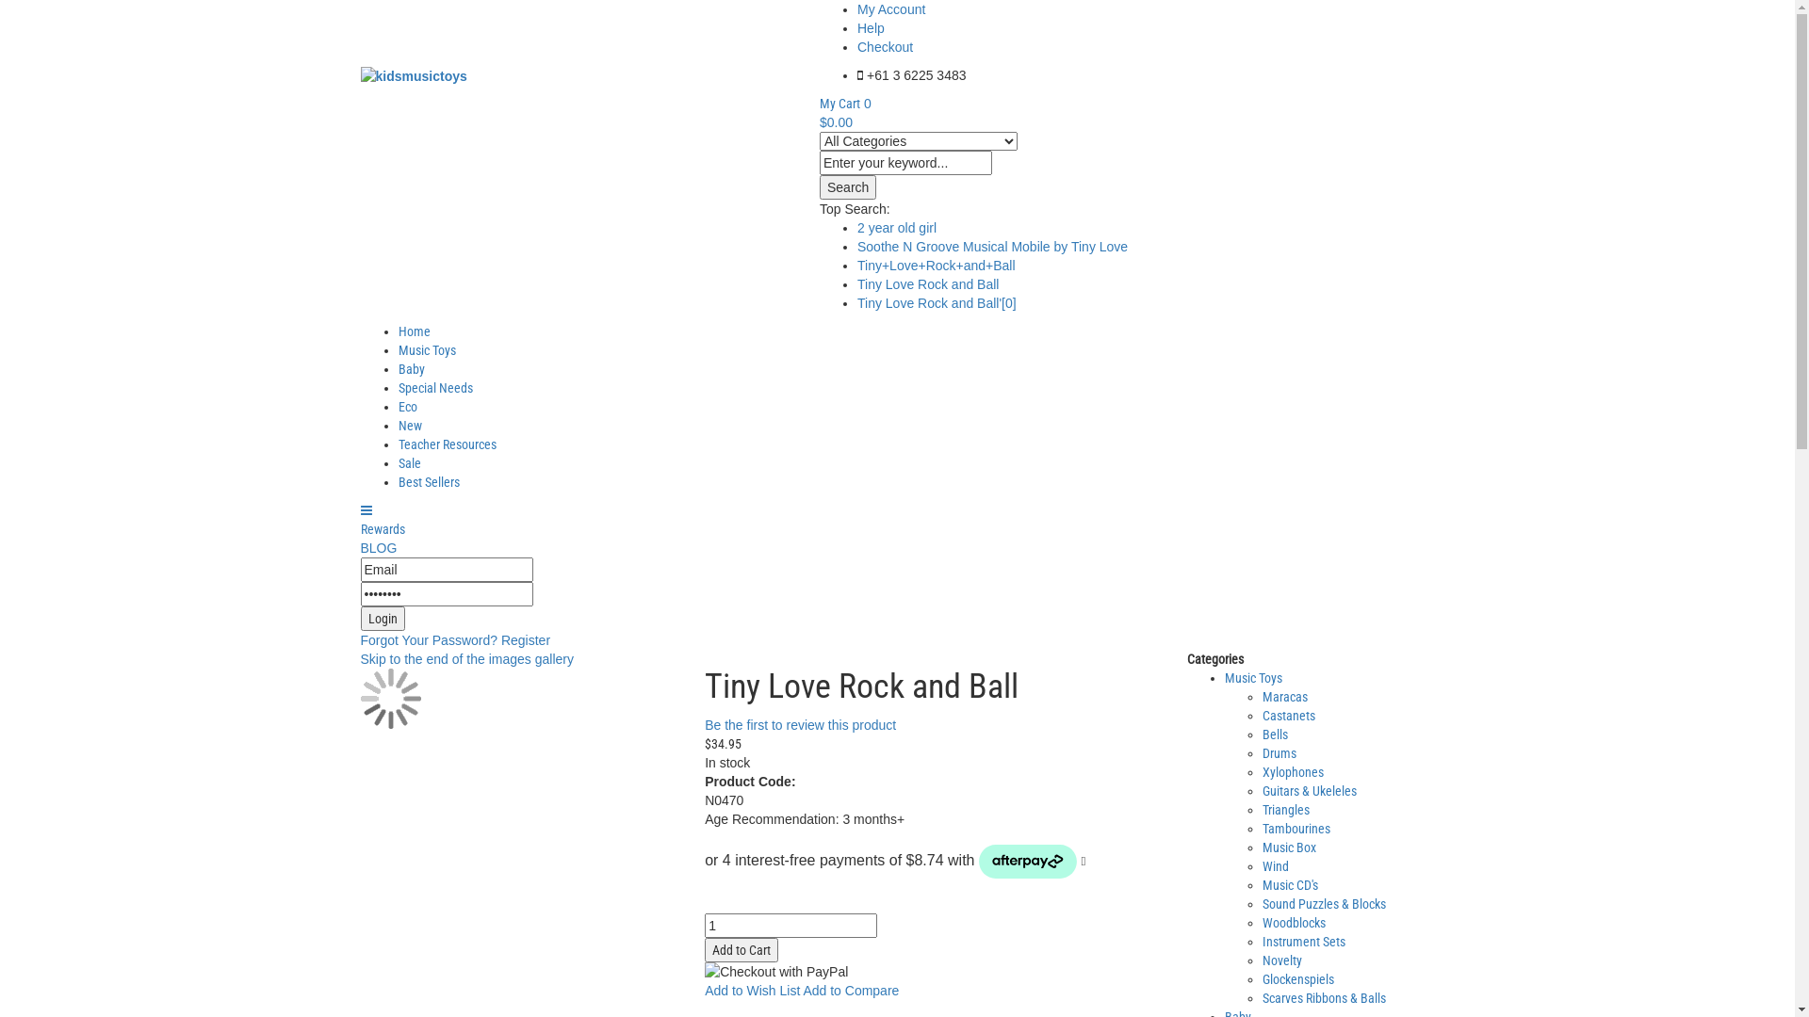 This screenshot has width=1809, height=1017. I want to click on '2 year old girl', so click(895, 227).